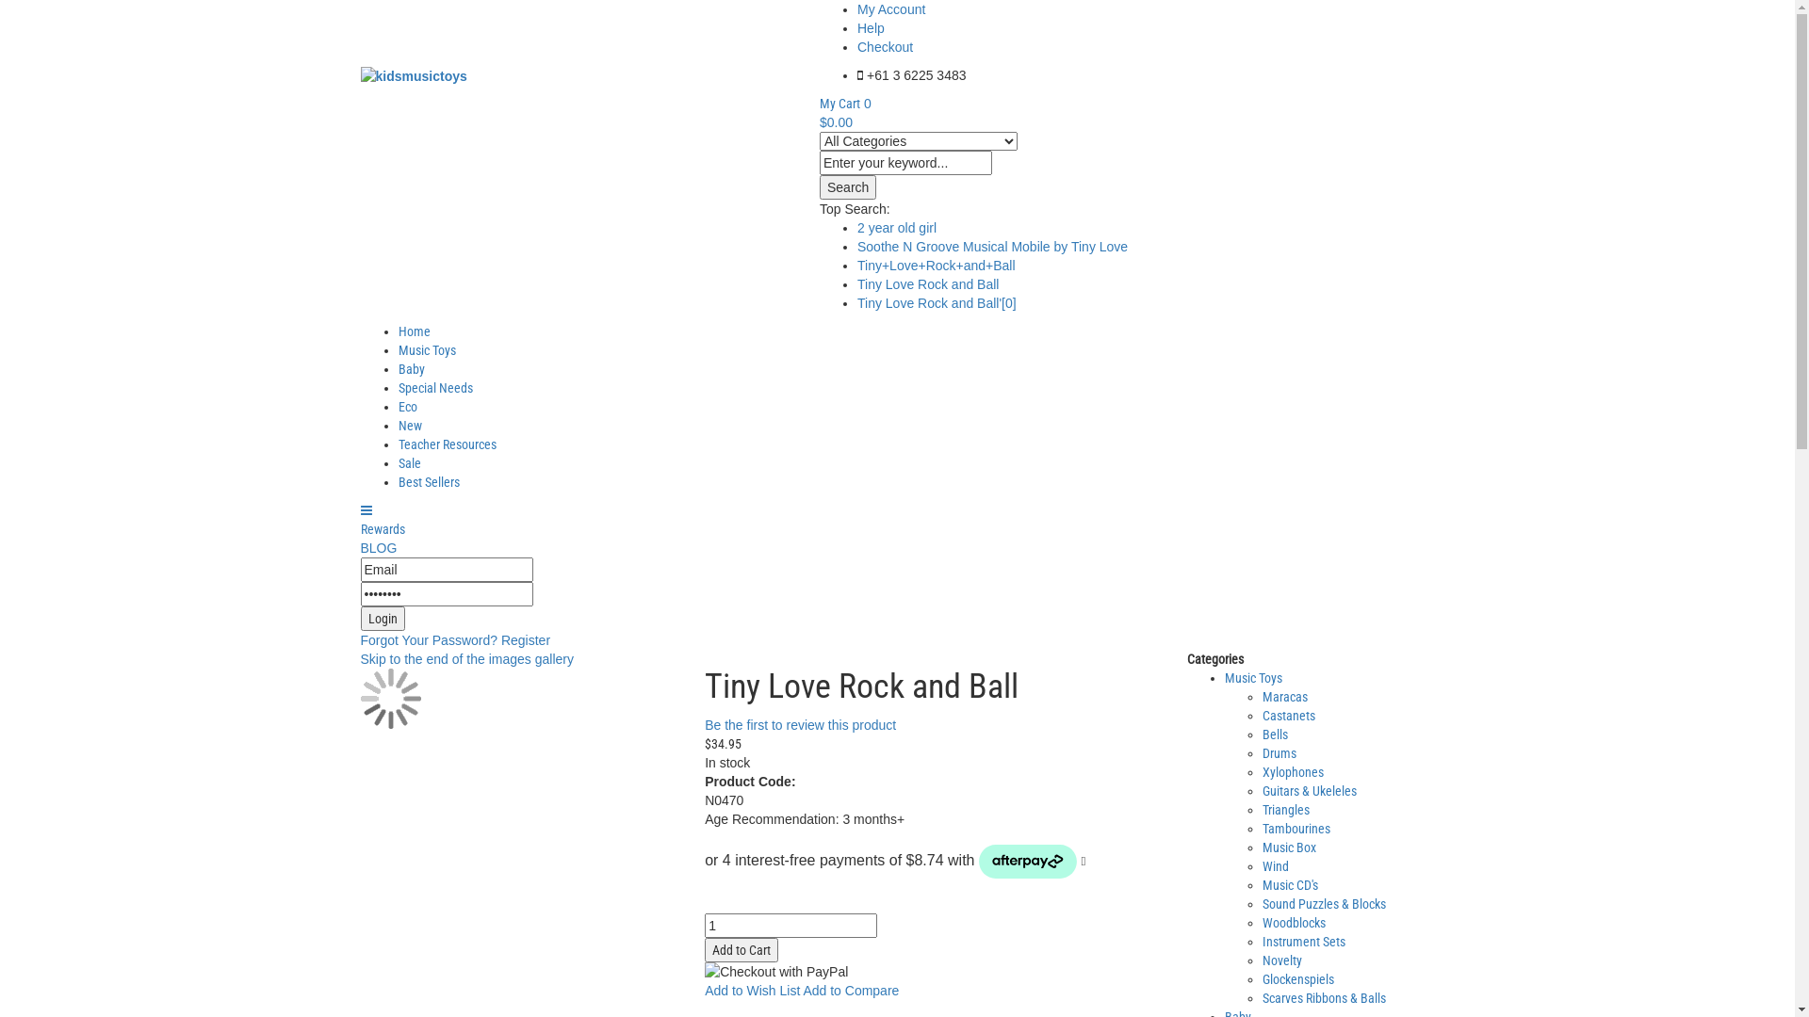 This screenshot has width=1809, height=1017. I want to click on '2 year old girl', so click(895, 227).